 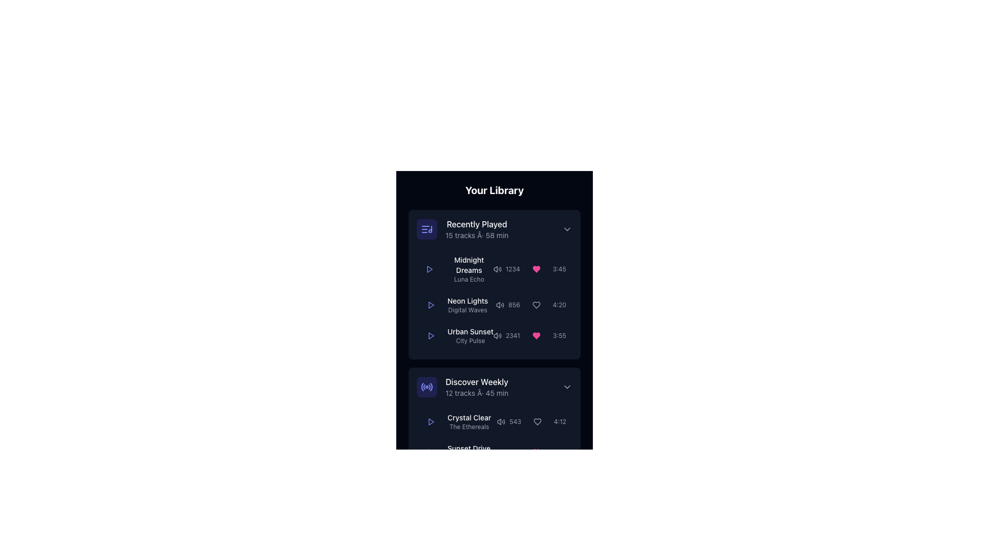 I want to click on the play symbol icon within the circular button in the 'Recently Played' section for the song 'Urban Sunset' by 'City Pulse' to activate hover effects, so click(x=431, y=335).